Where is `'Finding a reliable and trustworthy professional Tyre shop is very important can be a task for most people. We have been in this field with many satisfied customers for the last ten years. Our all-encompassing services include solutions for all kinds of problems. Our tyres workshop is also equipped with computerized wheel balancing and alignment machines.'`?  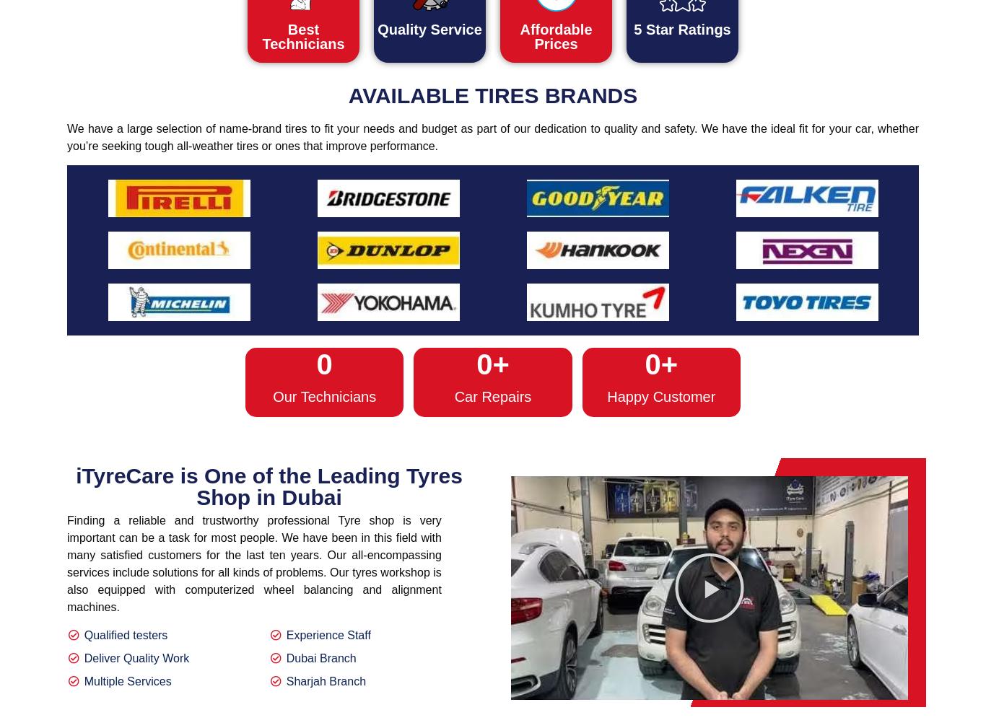 'Finding a reliable and trustworthy professional Tyre shop is very important can be a task for most people. We have been in this field with many satisfied customers for the last ten years. Our all-encompassing services include solutions for all kinds of problems. Our tyres workshop is also equipped with computerized wheel balancing and alignment machines.' is located at coordinates (253, 563).